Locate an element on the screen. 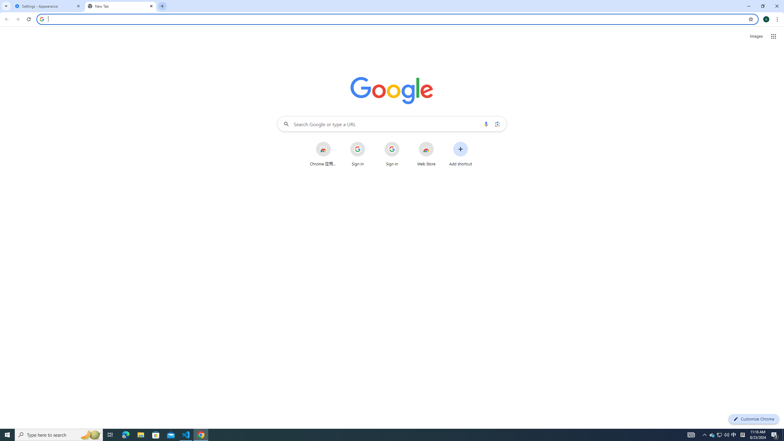  'New Tab' is located at coordinates (121, 6).